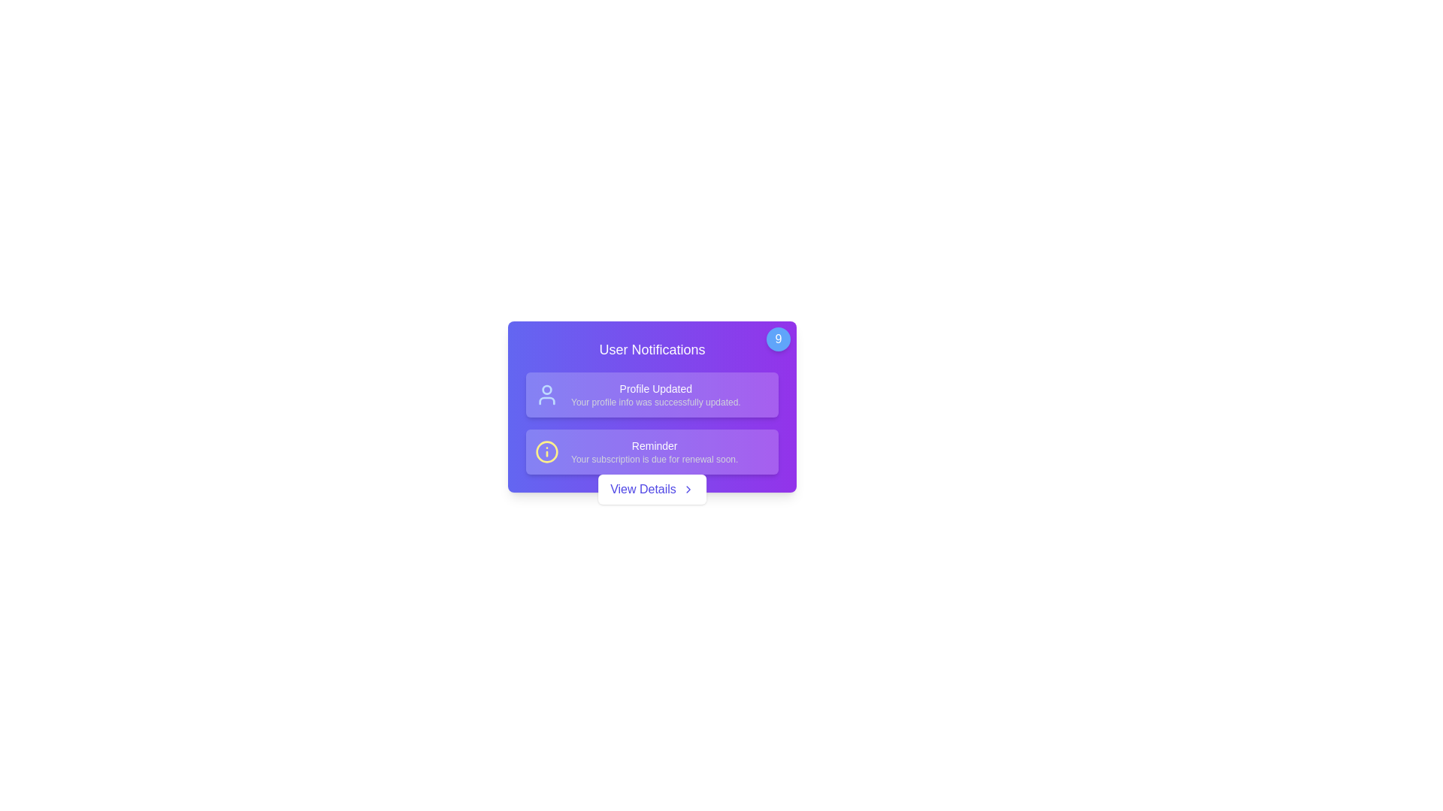  What do you see at coordinates (652, 393) in the screenshot?
I see `the Notification Panel displaying 'Profile Updated' with the description 'Your profile info was successfully updated'` at bounding box center [652, 393].